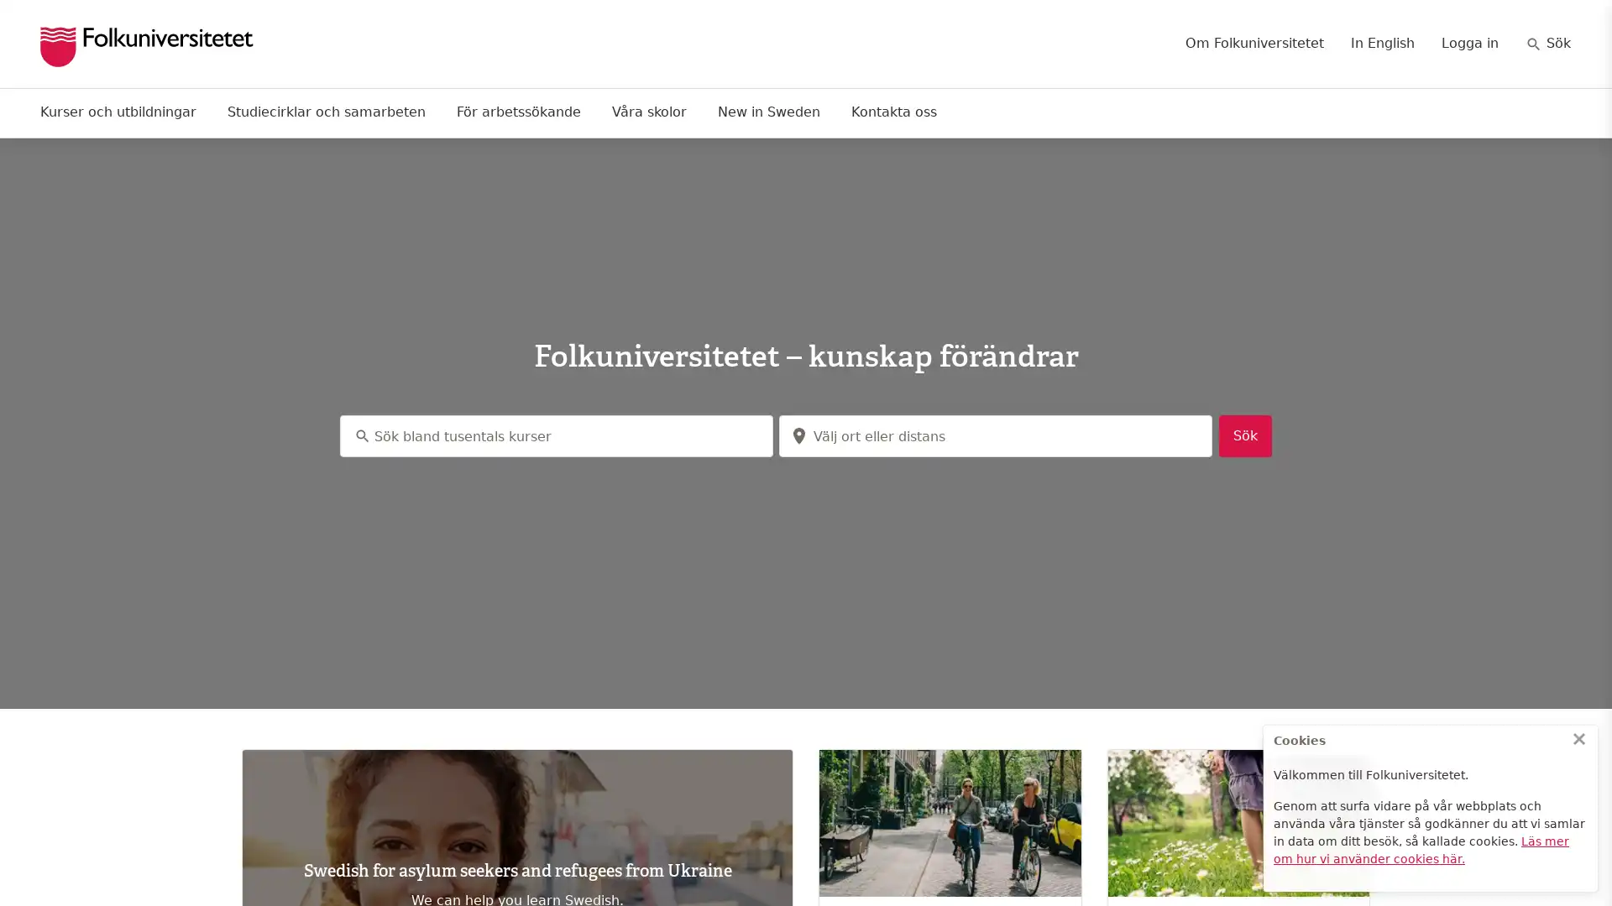 Image resolution: width=1612 pixels, height=906 pixels. I want to click on Rensa sokfalt, so click(751, 435).